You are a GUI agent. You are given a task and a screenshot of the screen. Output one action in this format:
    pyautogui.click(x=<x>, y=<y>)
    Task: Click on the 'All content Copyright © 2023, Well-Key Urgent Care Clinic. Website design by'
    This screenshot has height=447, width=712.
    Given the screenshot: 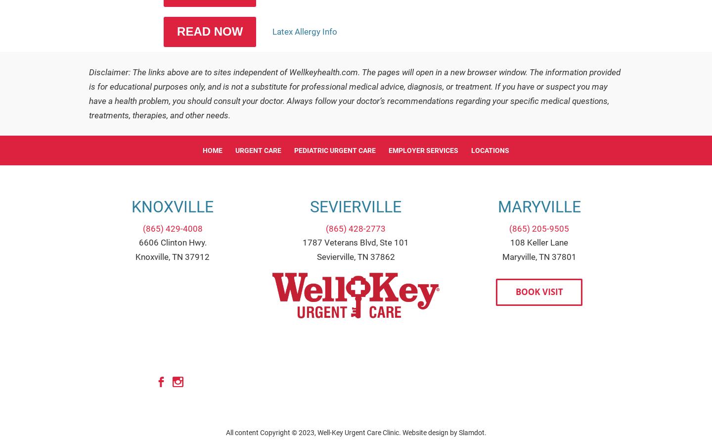 What is the action you would take?
    pyautogui.click(x=225, y=432)
    